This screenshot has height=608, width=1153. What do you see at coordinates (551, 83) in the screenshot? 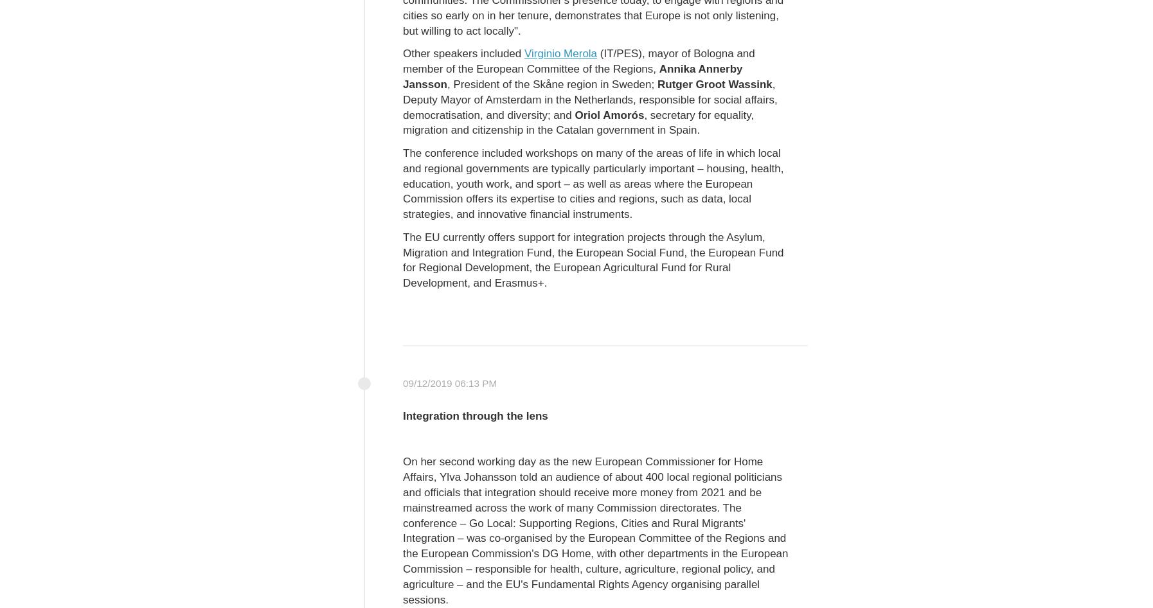
I see `', President of the Skåne region in Sweden;'` at bounding box center [551, 83].